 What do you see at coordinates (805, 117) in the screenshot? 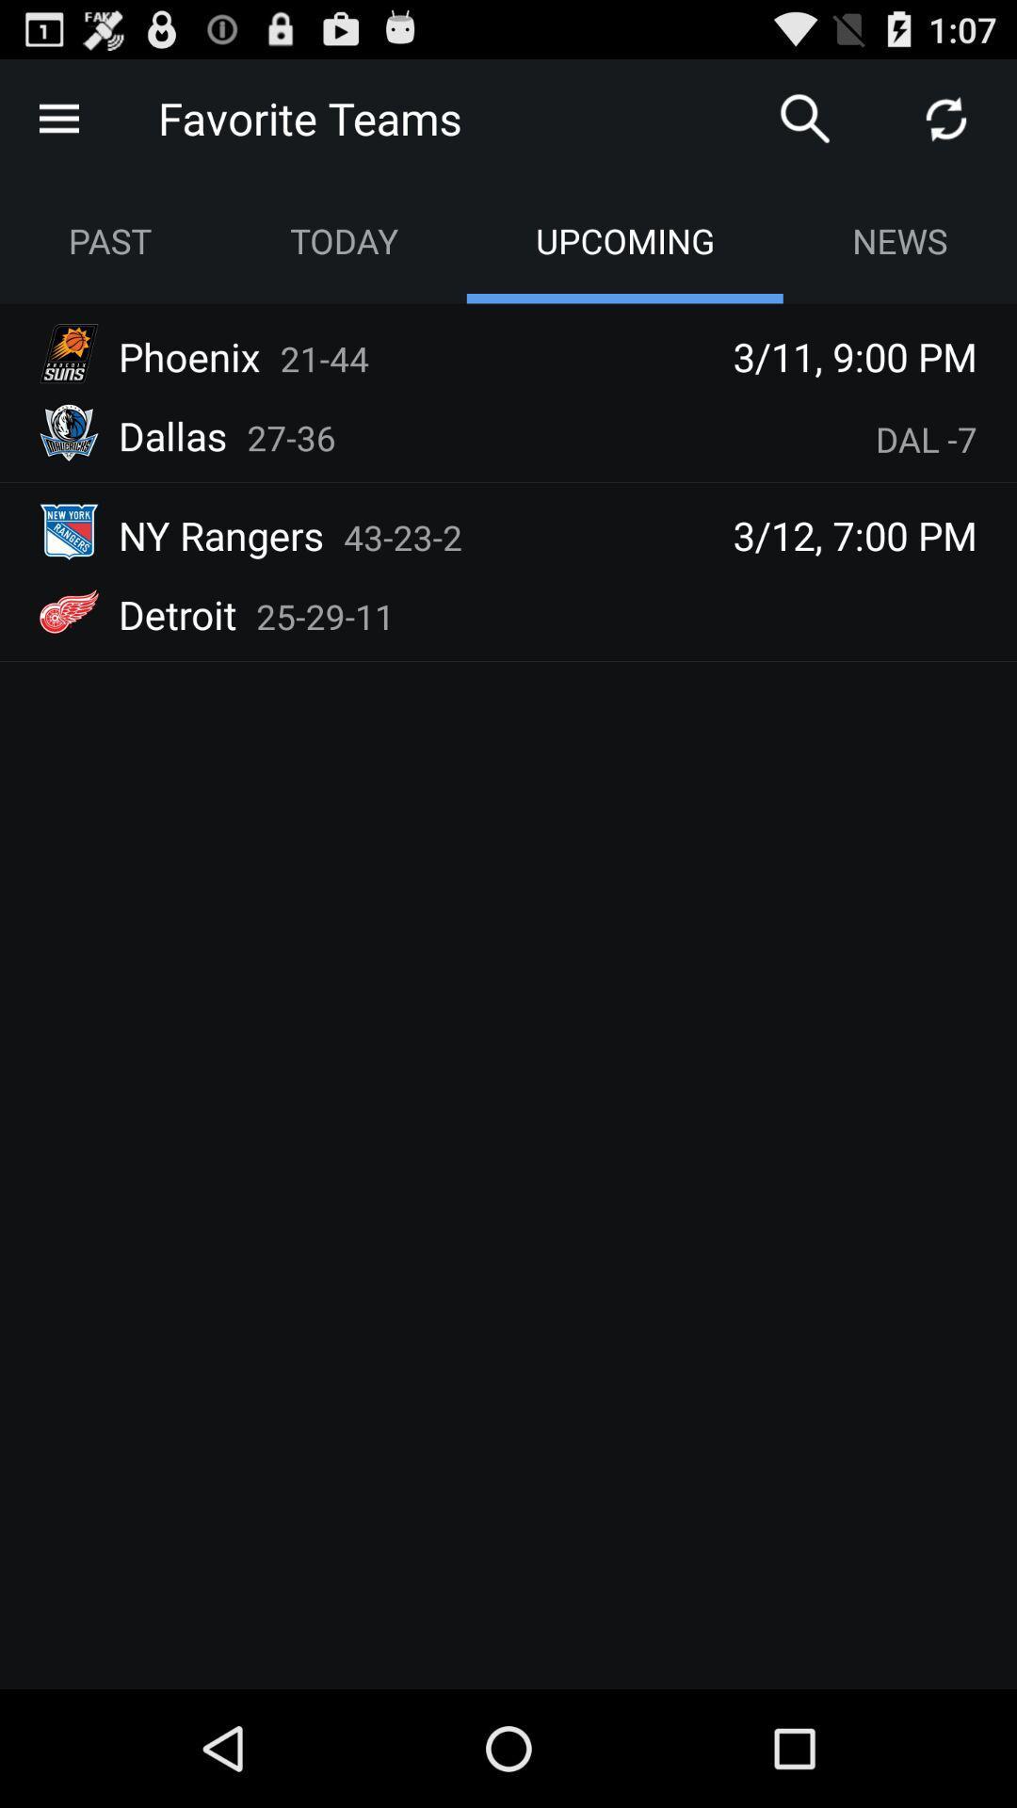
I see `item to the right of today app` at bounding box center [805, 117].